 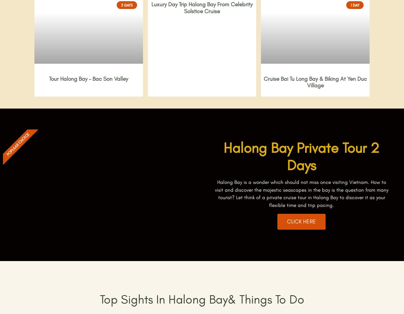 I want to click on 'Tour Halong Bay – Bac Son Valley', so click(x=88, y=78).